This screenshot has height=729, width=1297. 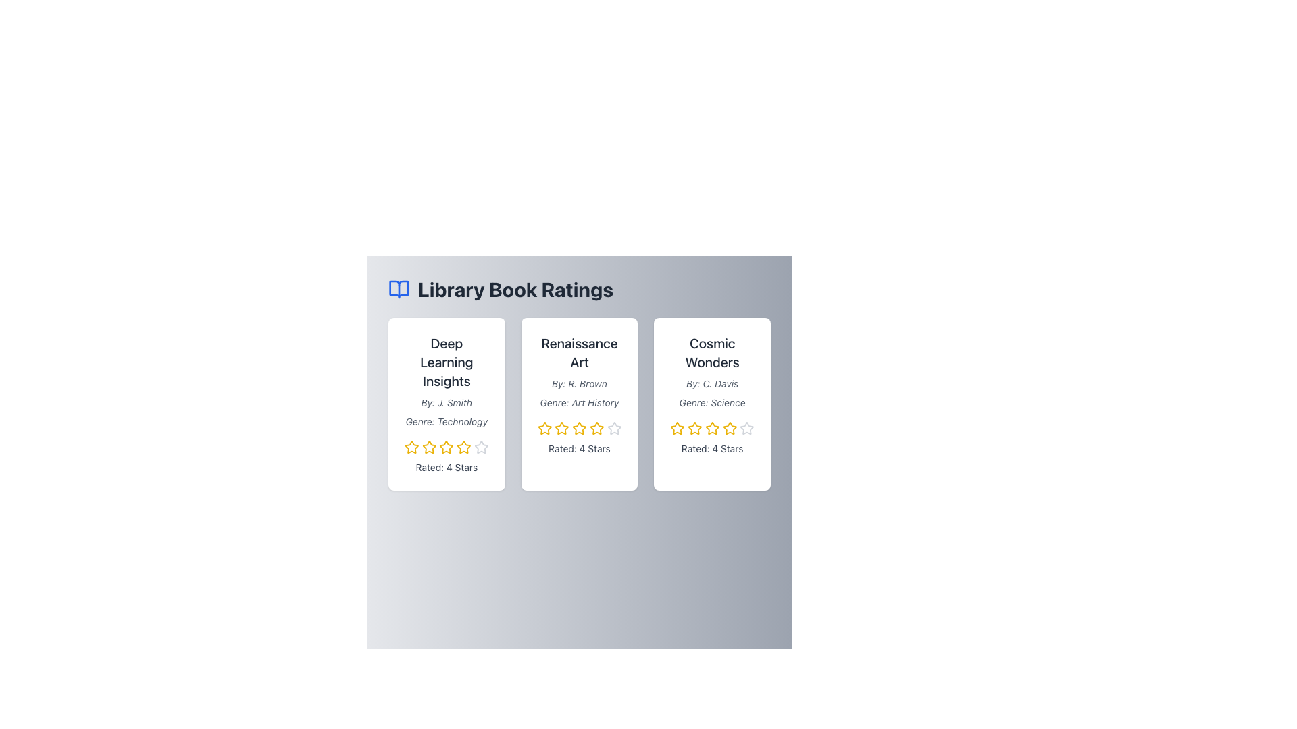 I want to click on the third star in the 5-star rating system for the book 'Deep Learning Insights', so click(x=428, y=448).